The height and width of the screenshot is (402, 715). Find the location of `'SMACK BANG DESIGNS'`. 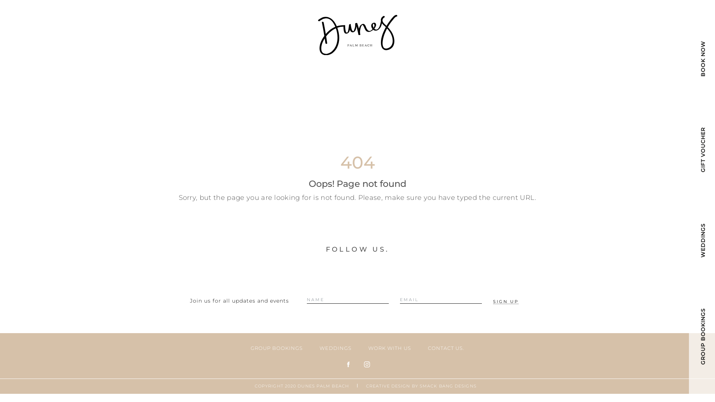

'SMACK BANG DESIGNS' is located at coordinates (420, 386).